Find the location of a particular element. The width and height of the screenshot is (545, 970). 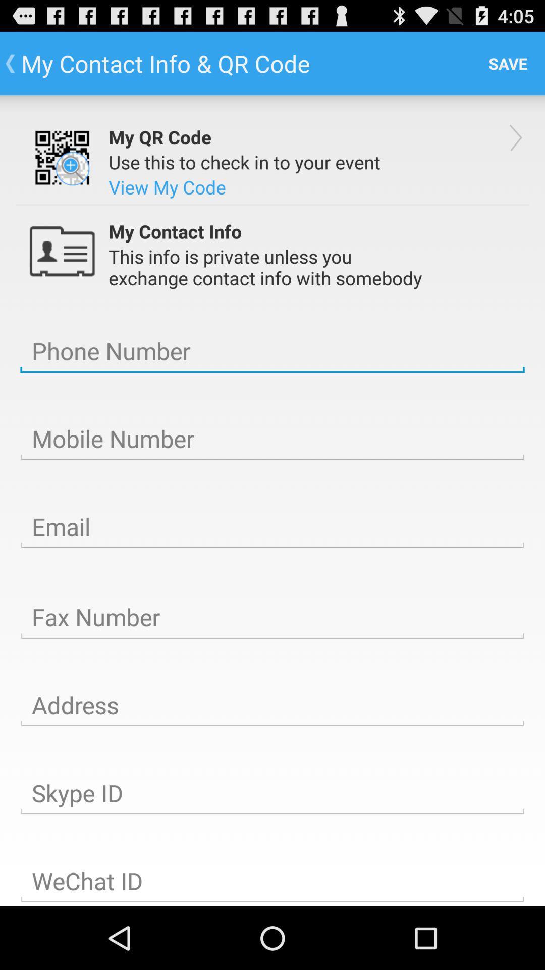

contact 's email is located at coordinates (272, 526).